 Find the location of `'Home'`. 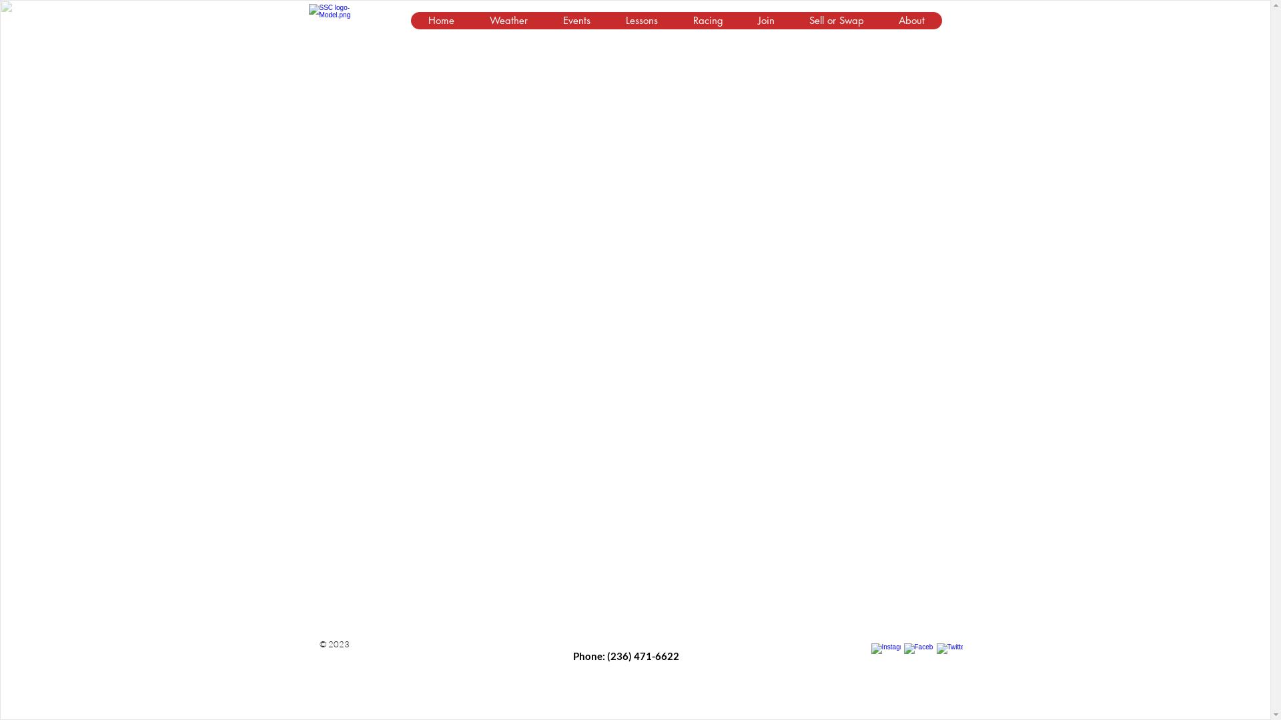

'Home' is located at coordinates (441, 20).